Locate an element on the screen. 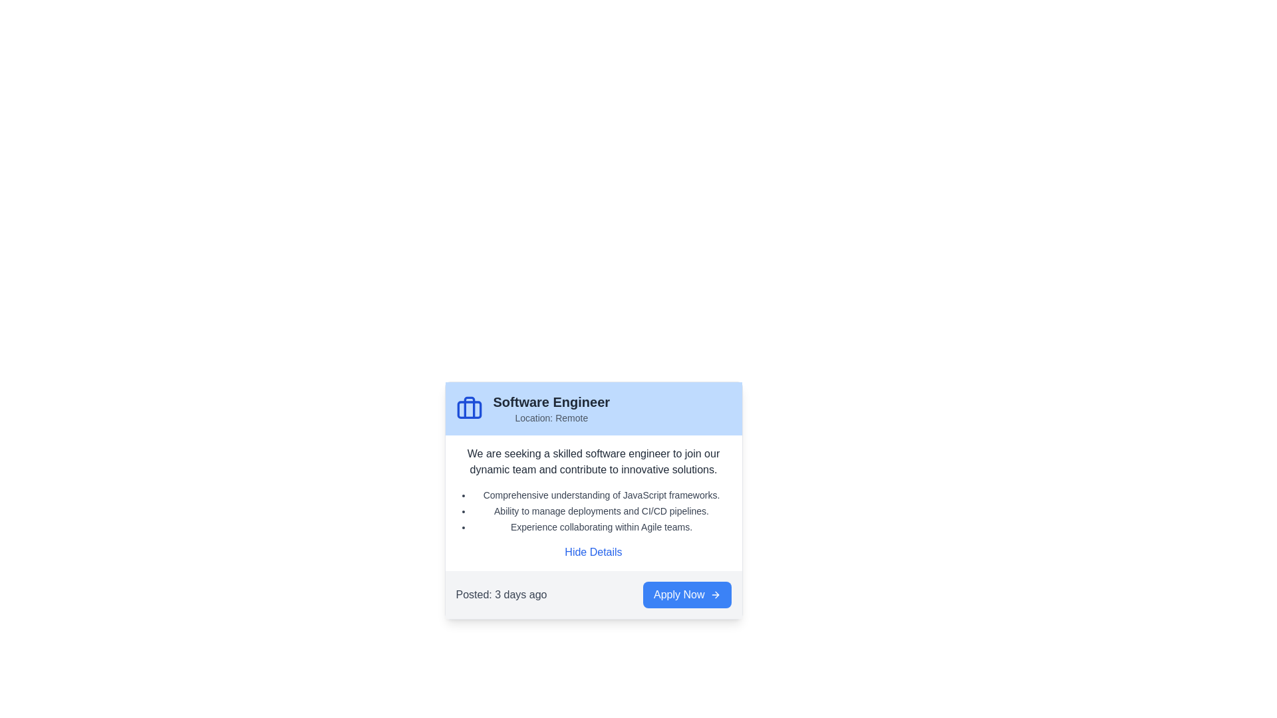 The height and width of the screenshot is (718, 1277). the rectangular inner component of the briefcase icon located at the top-left corner of the job posting card titled 'Software Engineer' is located at coordinates (469, 409).